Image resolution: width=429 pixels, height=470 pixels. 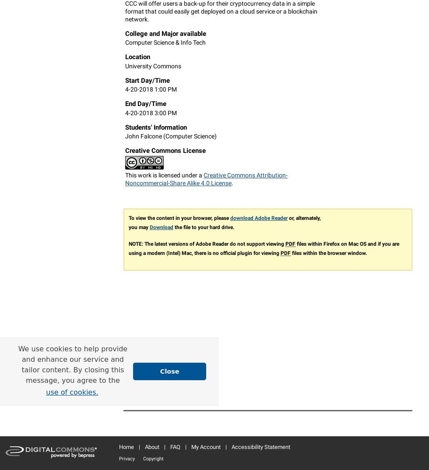 I want to click on 'Download', so click(x=161, y=227).